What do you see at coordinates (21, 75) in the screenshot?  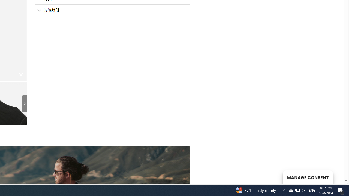 I see `'Class: iconic-woothumbs-fullscreen'` at bounding box center [21, 75].